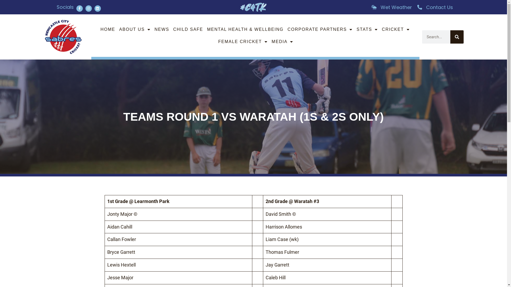  Describe the element at coordinates (367, 29) in the screenshot. I see `'STATS'` at that location.